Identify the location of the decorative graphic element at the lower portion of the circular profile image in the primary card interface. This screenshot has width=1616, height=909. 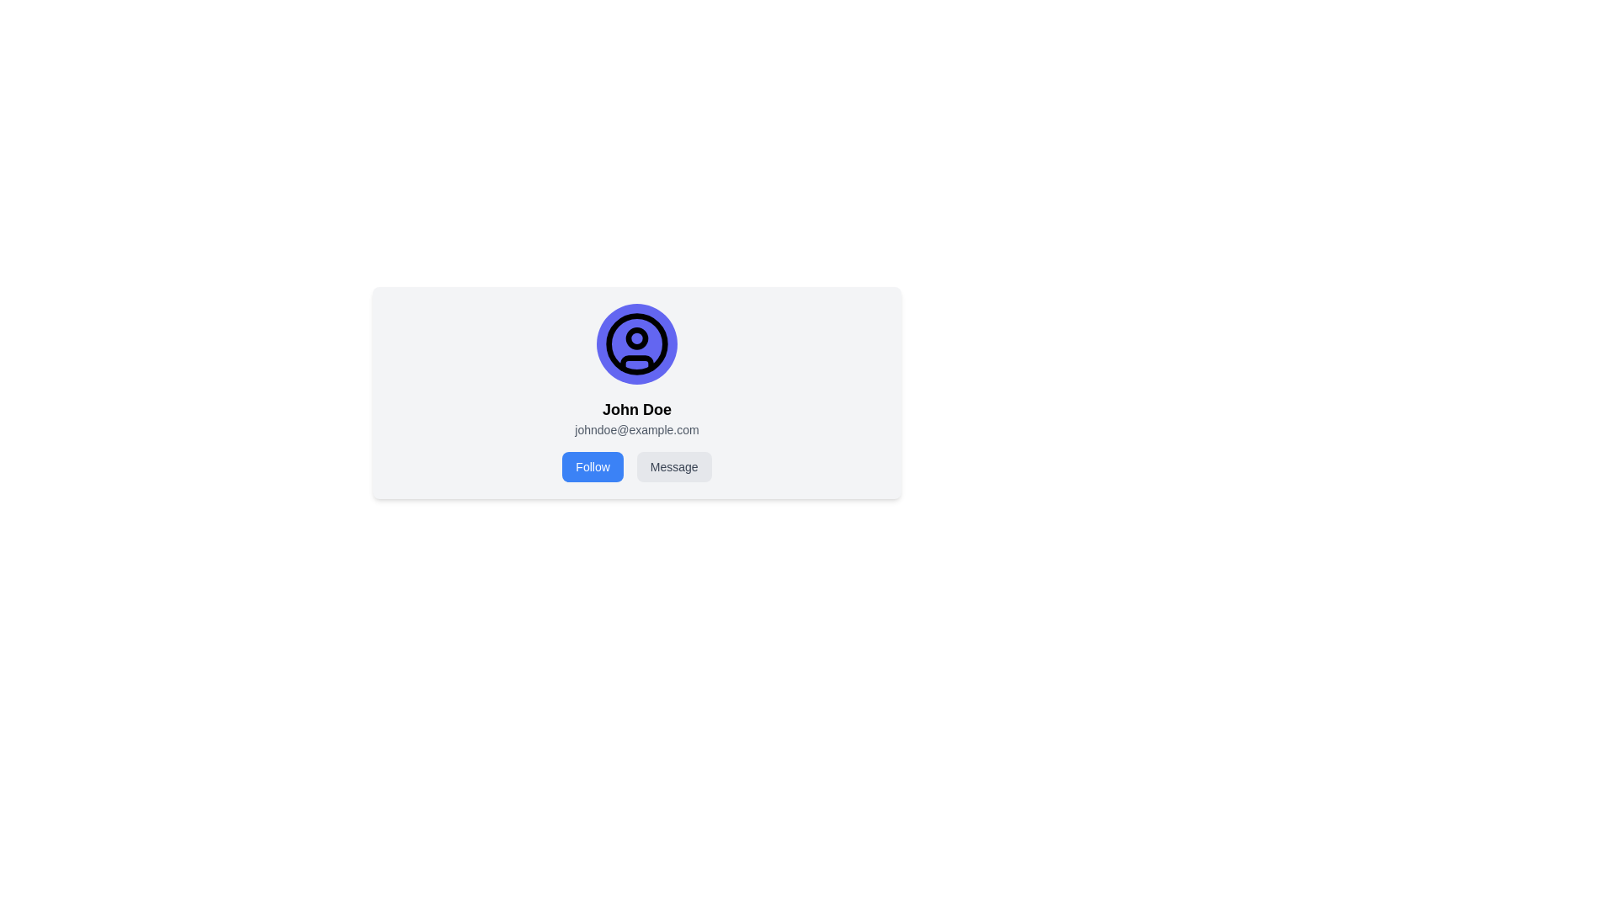
(636, 362).